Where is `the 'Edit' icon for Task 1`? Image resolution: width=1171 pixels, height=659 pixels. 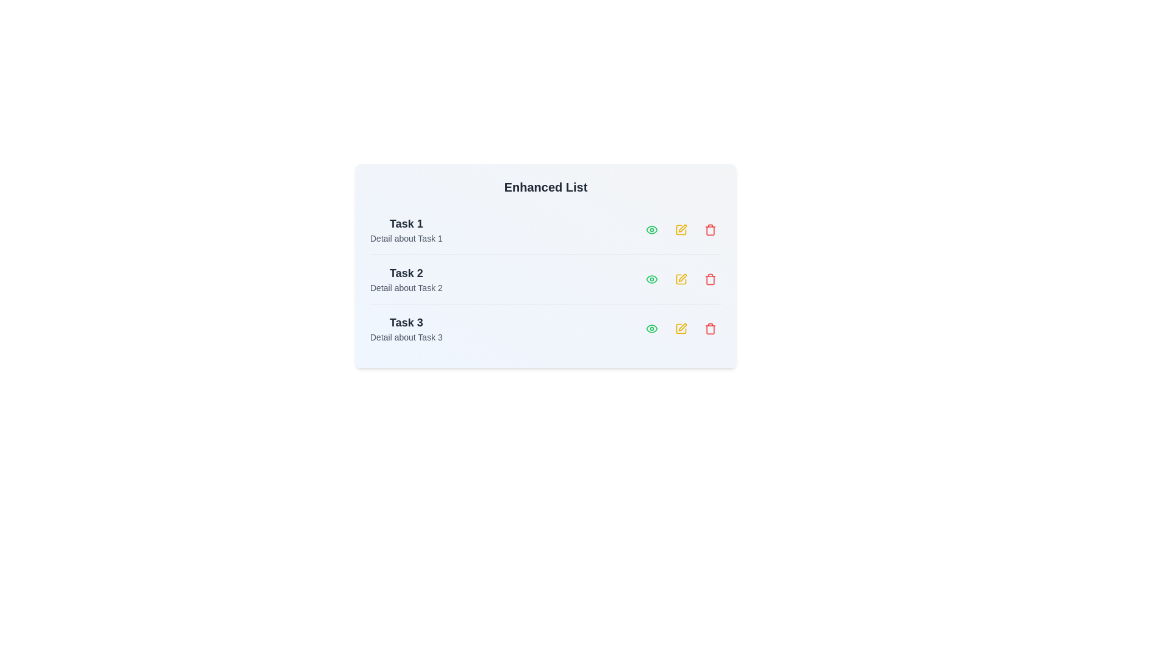
the 'Edit' icon for Task 1 is located at coordinates (681, 230).